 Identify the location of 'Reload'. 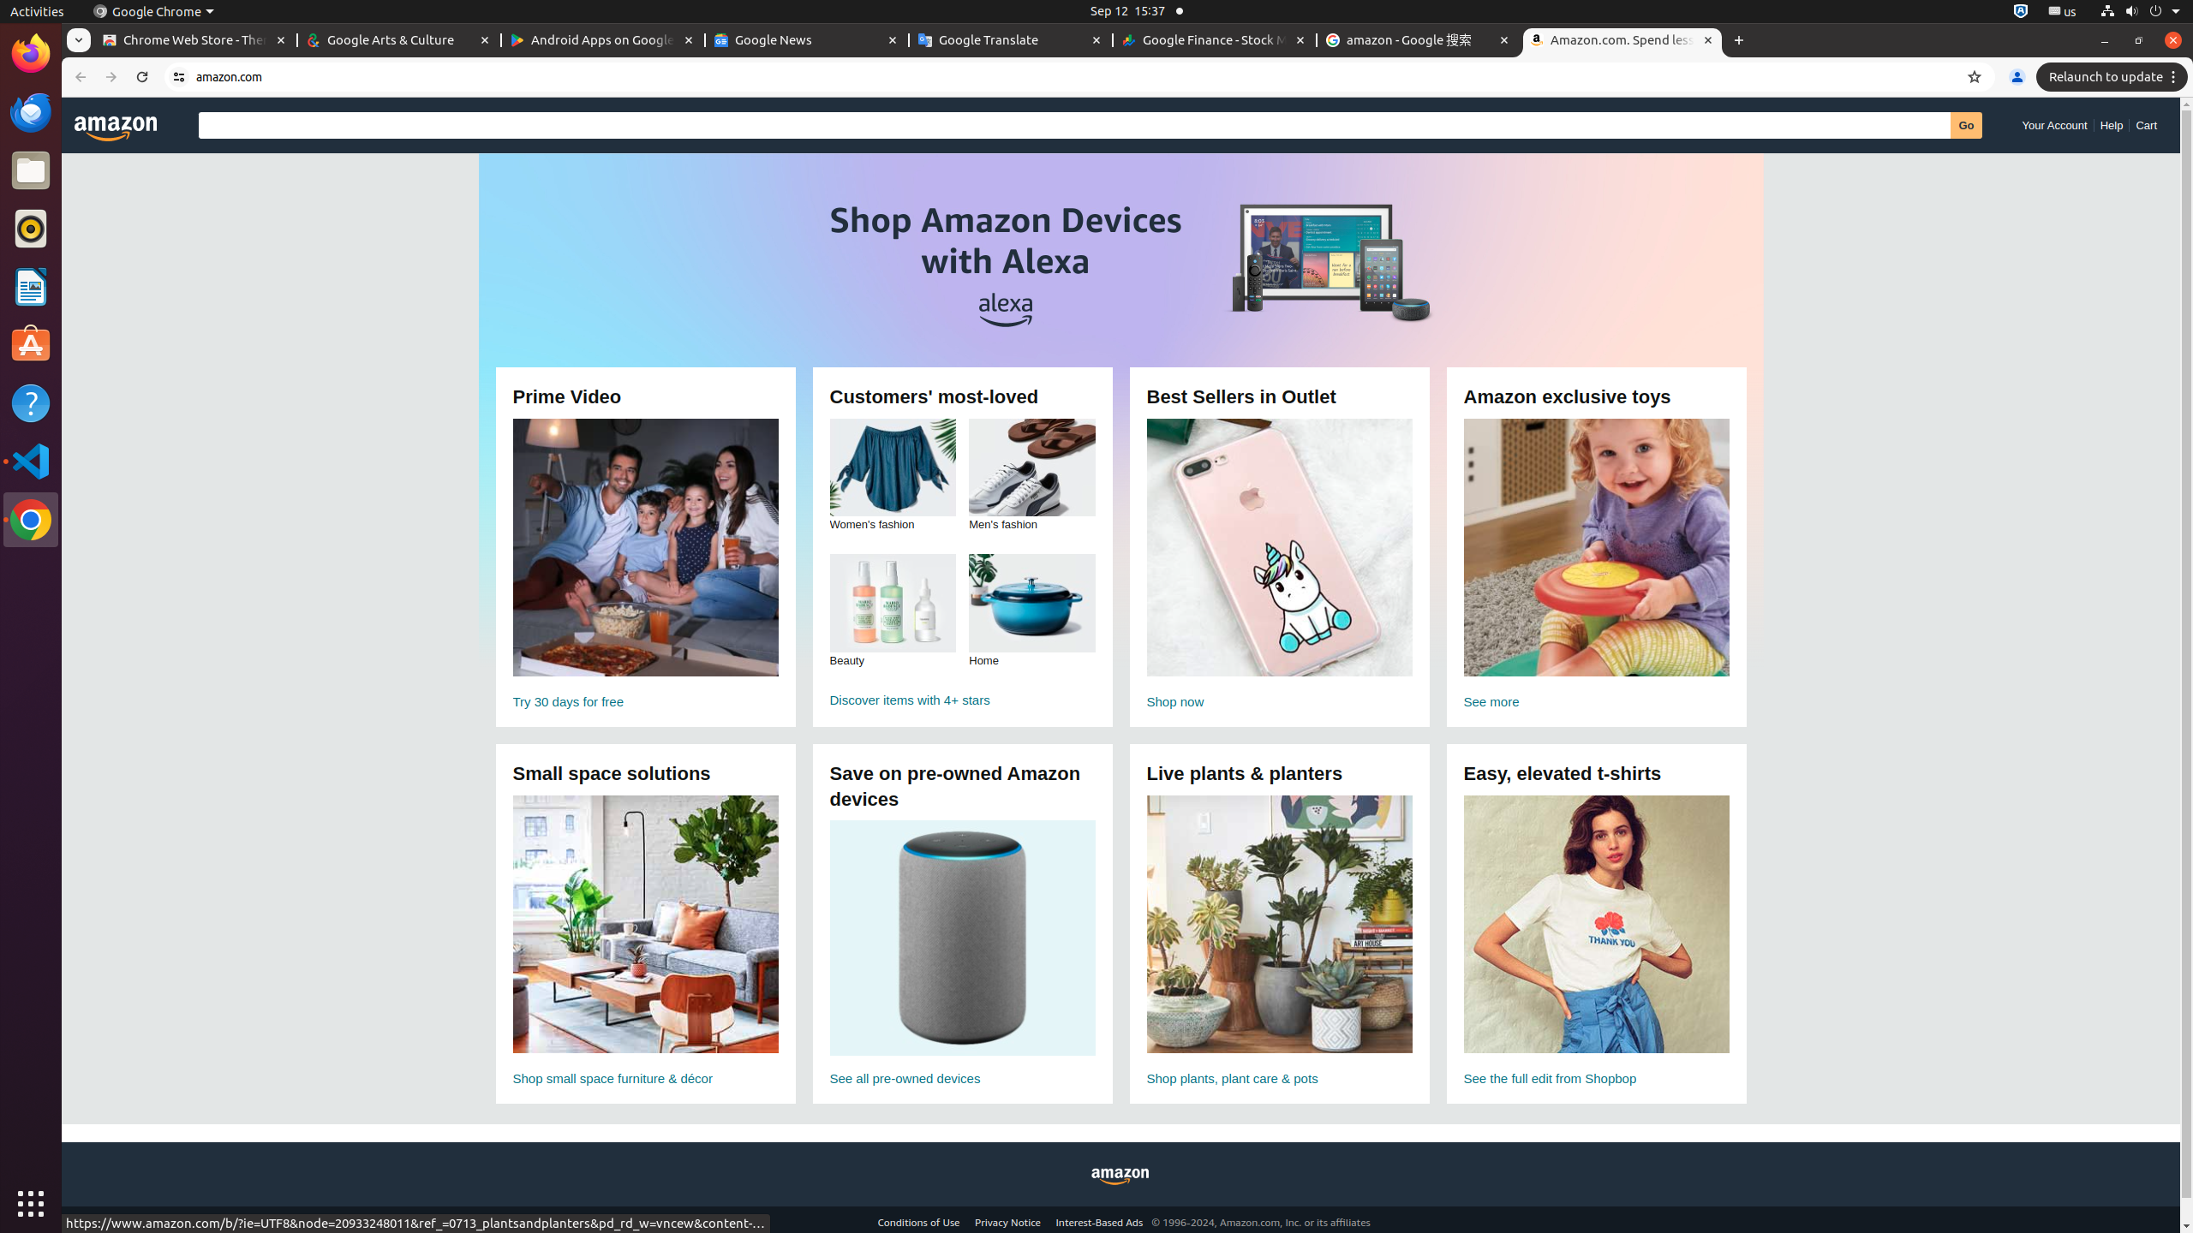
(140, 76).